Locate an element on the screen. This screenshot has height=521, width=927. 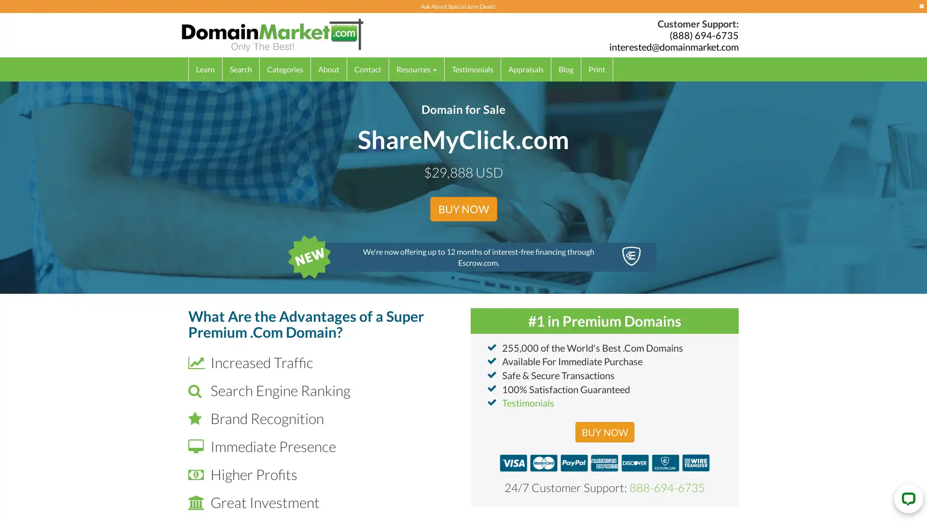
Resources is located at coordinates (417, 69).